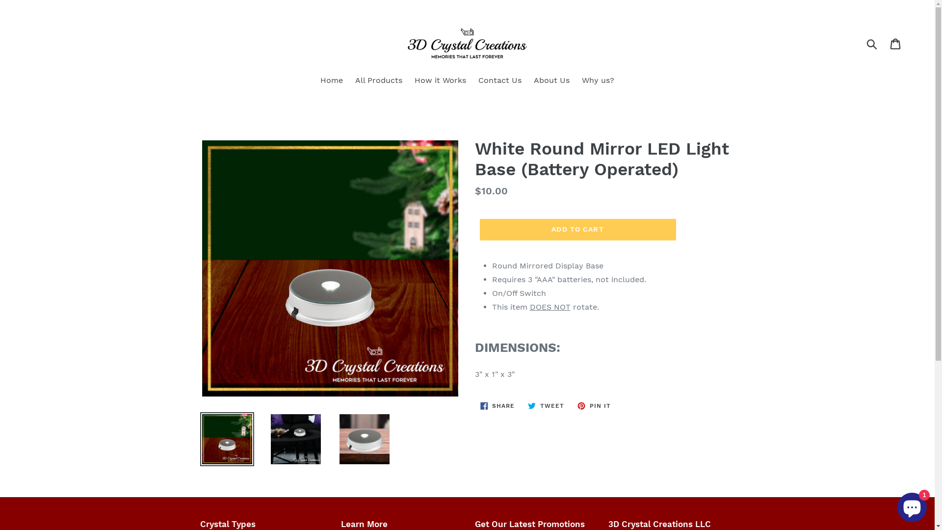  What do you see at coordinates (546, 405) in the screenshot?
I see `'TWEET` at bounding box center [546, 405].